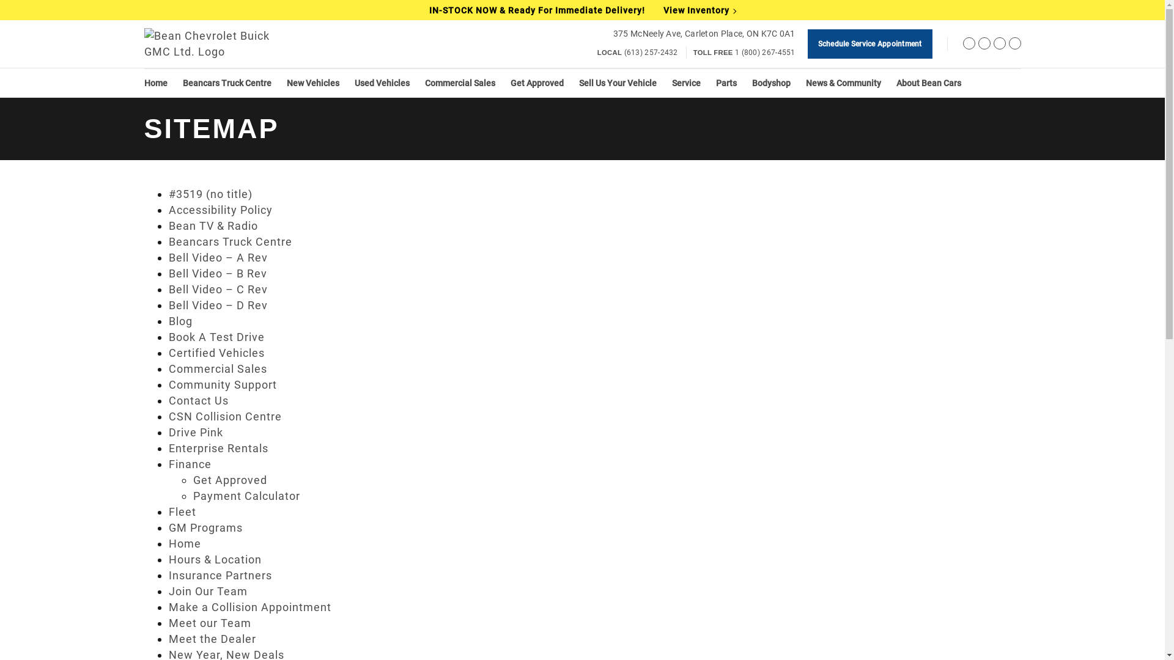 The image size is (1174, 660). Describe the element at coordinates (180, 320) in the screenshot. I see `'Blog'` at that location.